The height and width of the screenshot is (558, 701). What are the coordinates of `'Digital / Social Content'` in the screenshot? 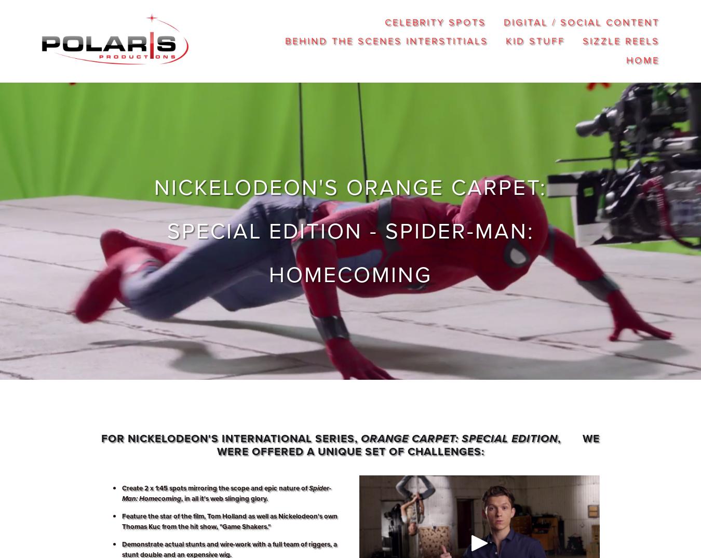 It's located at (581, 21).